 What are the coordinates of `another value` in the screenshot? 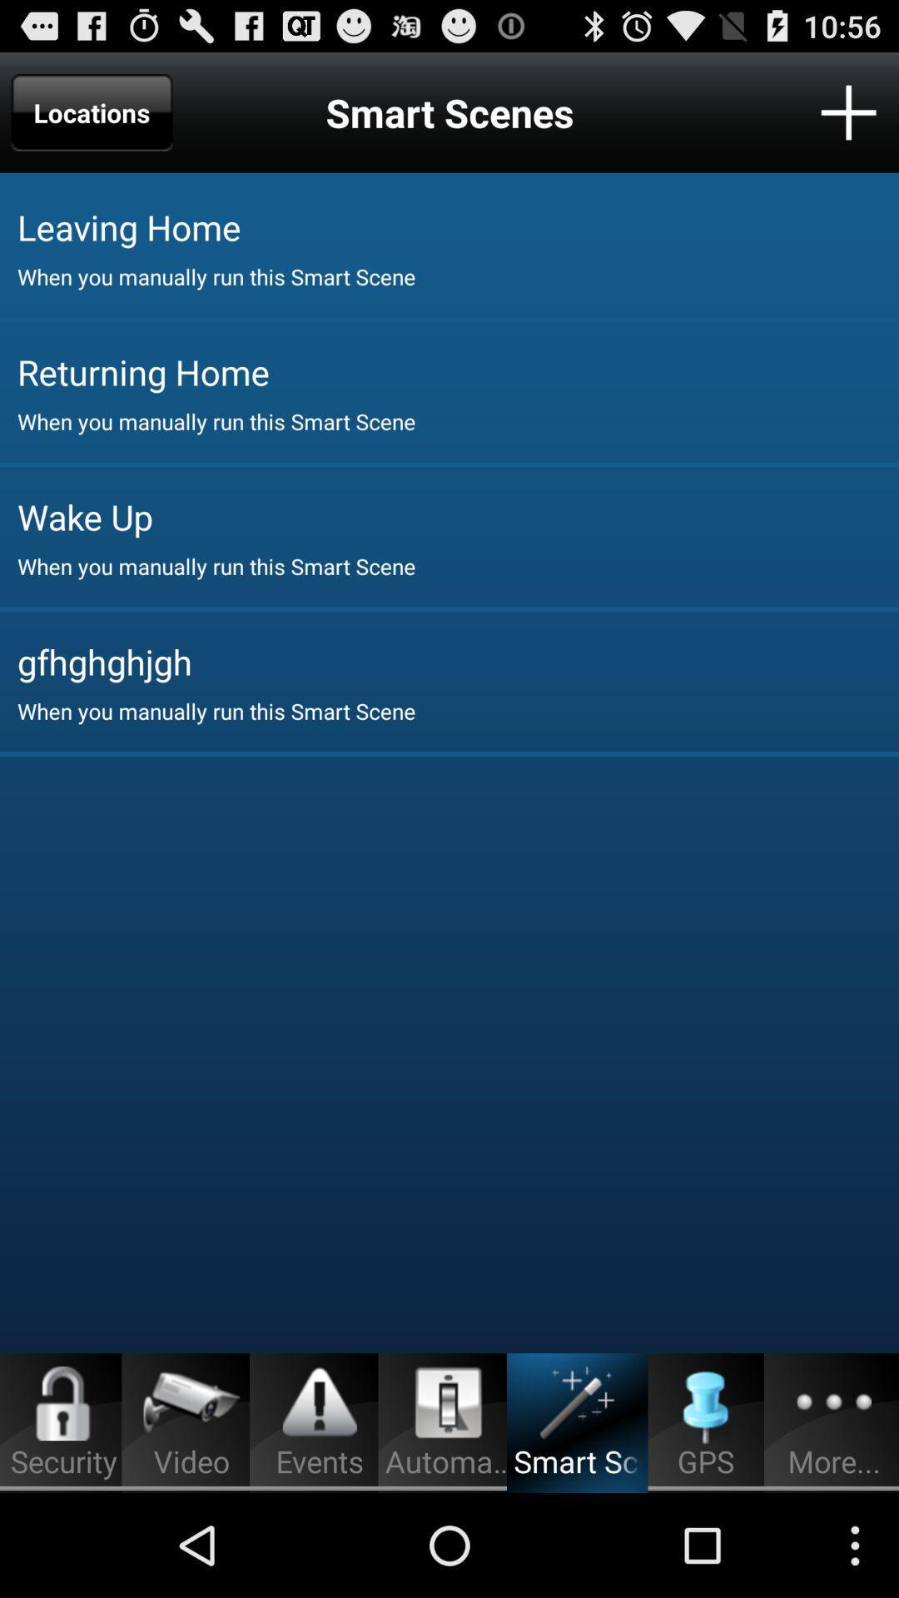 It's located at (848, 112).